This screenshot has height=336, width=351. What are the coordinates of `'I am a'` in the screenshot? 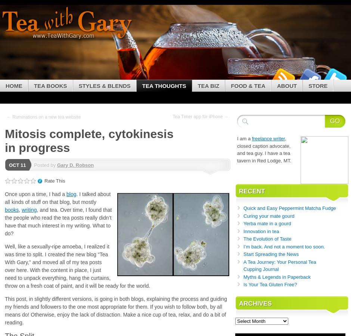 It's located at (237, 138).